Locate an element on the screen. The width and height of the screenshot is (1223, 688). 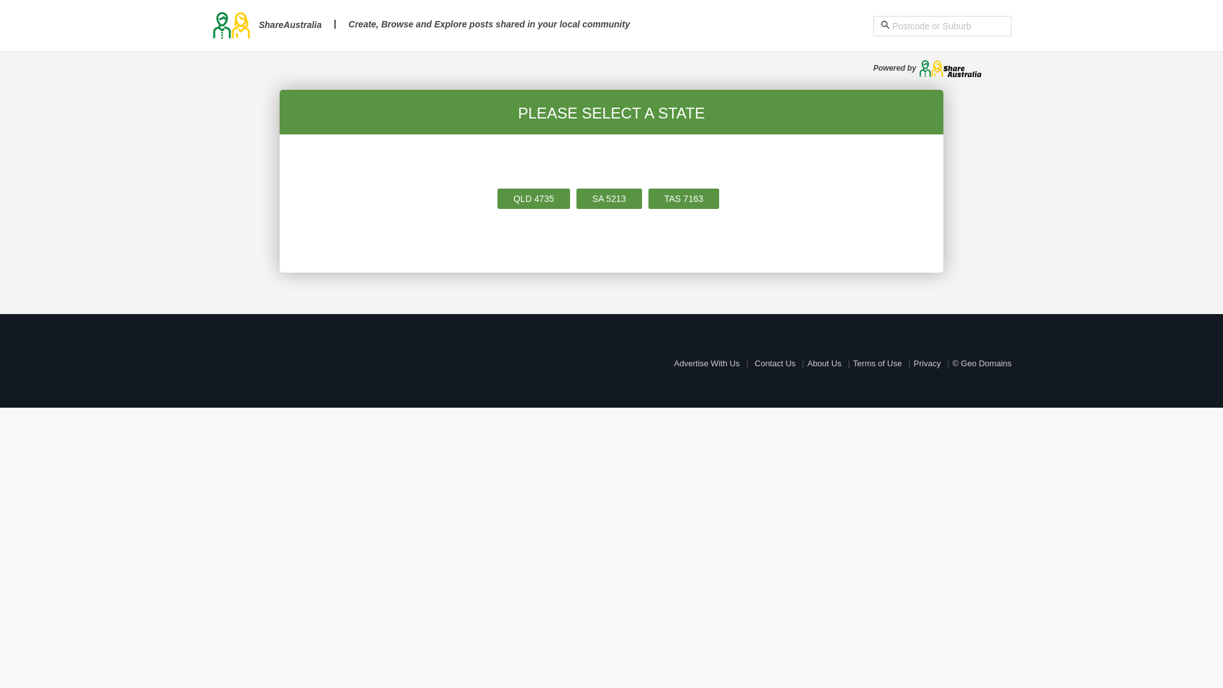
'QLD 4735' is located at coordinates (534, 199).